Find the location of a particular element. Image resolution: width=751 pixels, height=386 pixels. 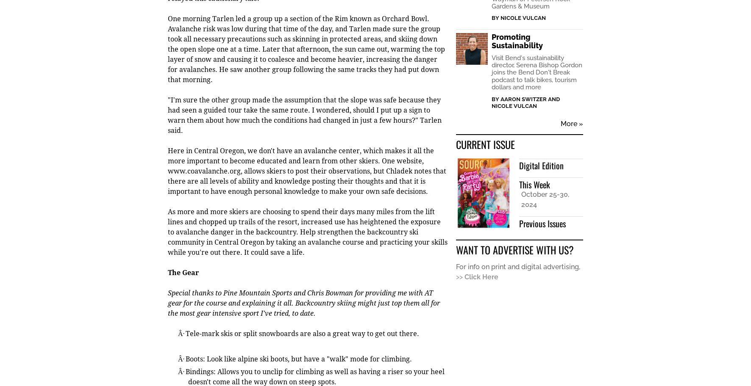

'Click Here' is located at coordinates (481, 277).